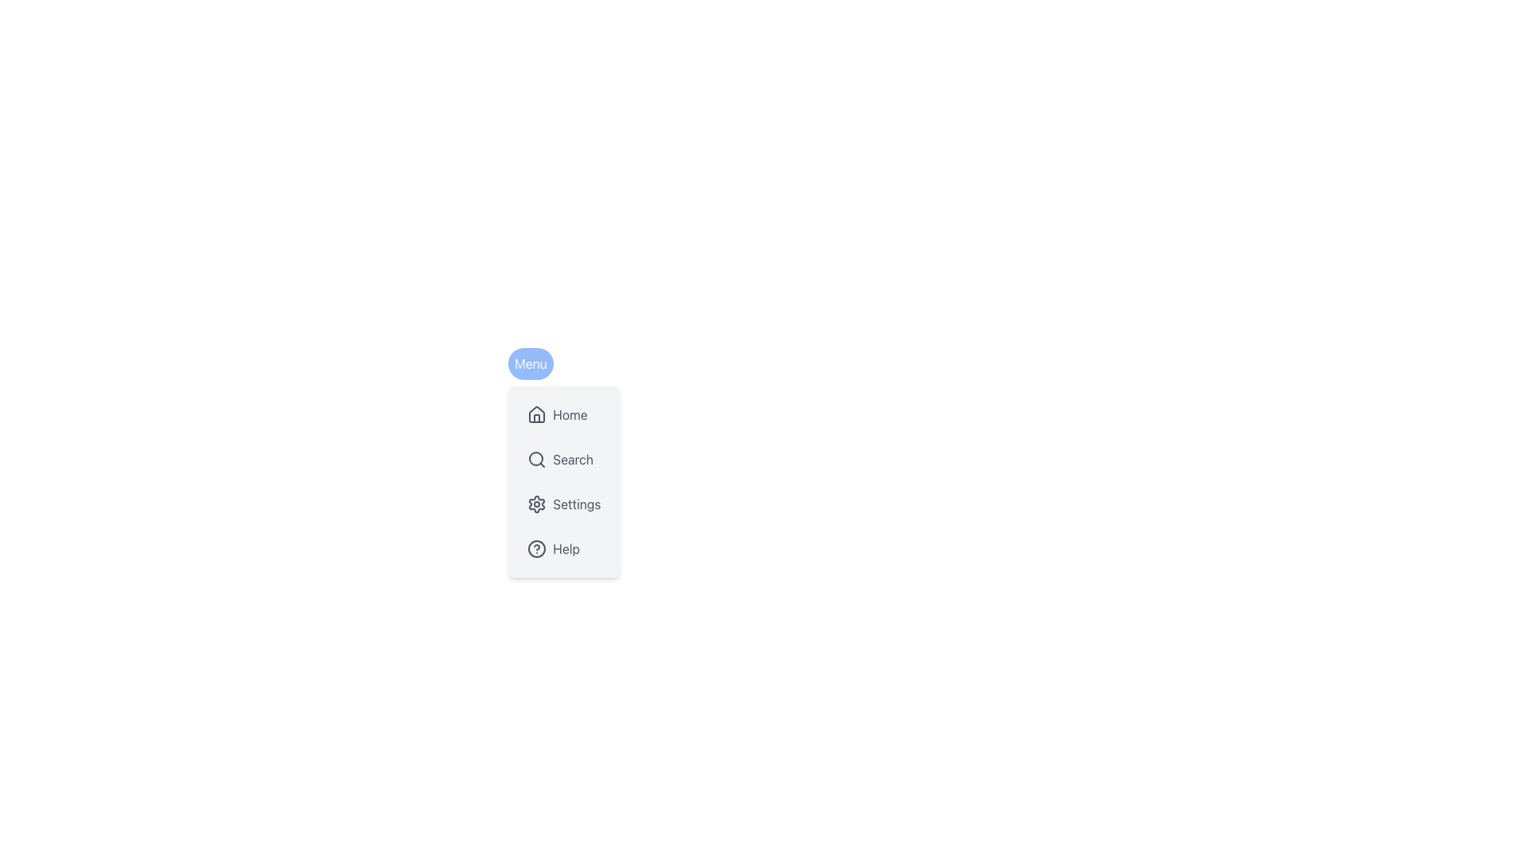  What do you see at coordinates (564, 480) in the screenshot?
I see `the 'Search' option in the Dropdown Menu` at bounding box center [564, 480].